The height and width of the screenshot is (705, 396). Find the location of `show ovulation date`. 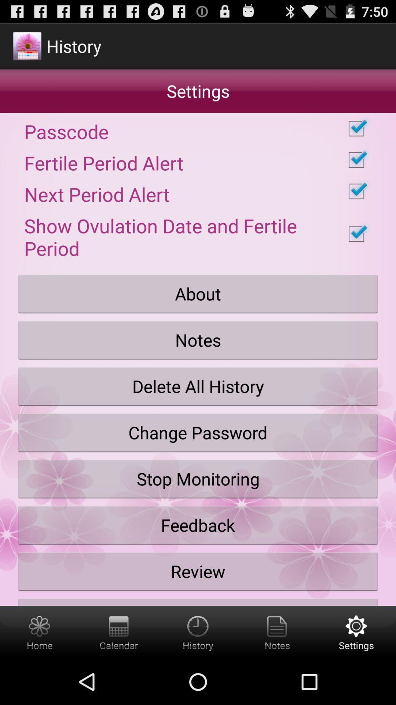

show ovulation date is located at coordinates (198, 234).